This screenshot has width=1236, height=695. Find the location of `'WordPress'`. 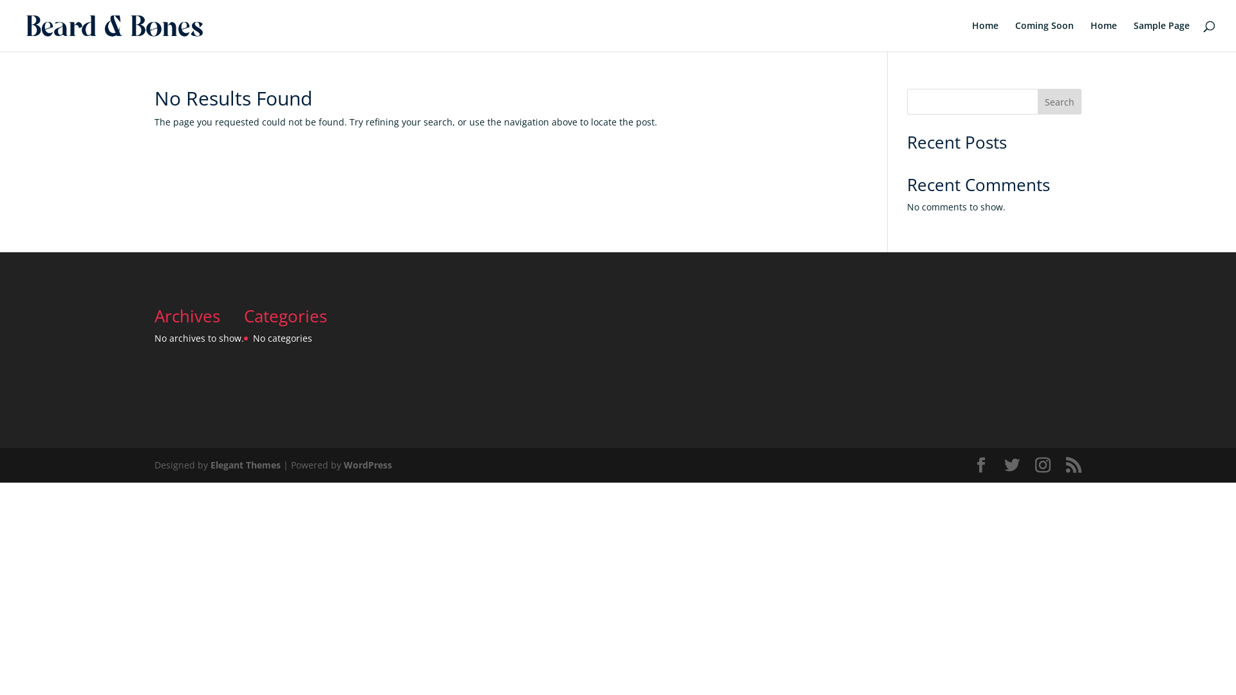

'WordPress' is located at coordinates (367, 465).